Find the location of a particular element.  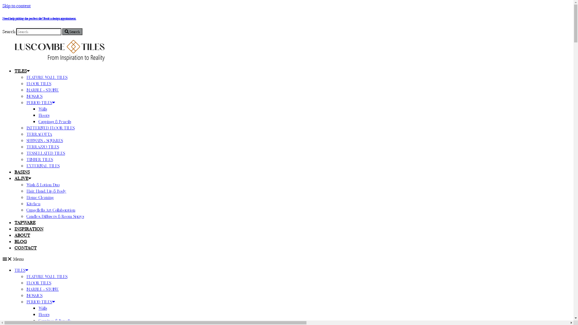

'TERRAZZO TILES' is located at coordinates (26, 147).